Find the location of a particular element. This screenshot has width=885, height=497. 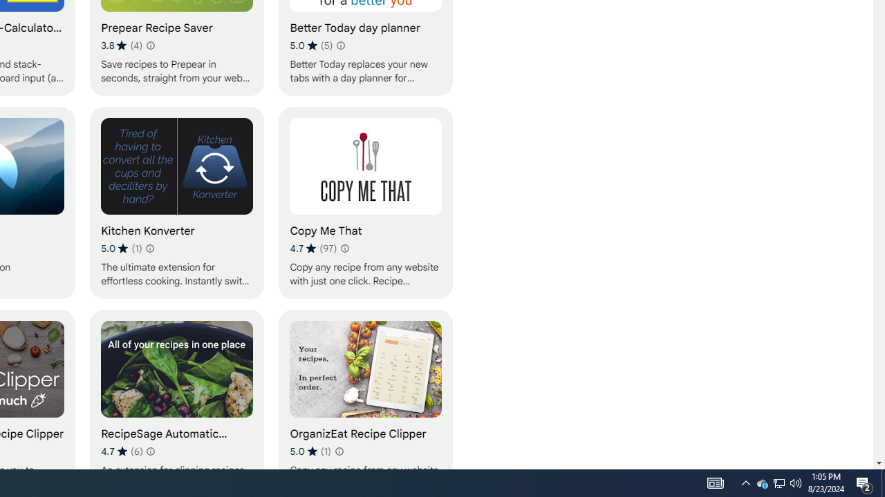

'Learn more about results and reviews "Copy Me That"' is located at coordinates (344, 248).